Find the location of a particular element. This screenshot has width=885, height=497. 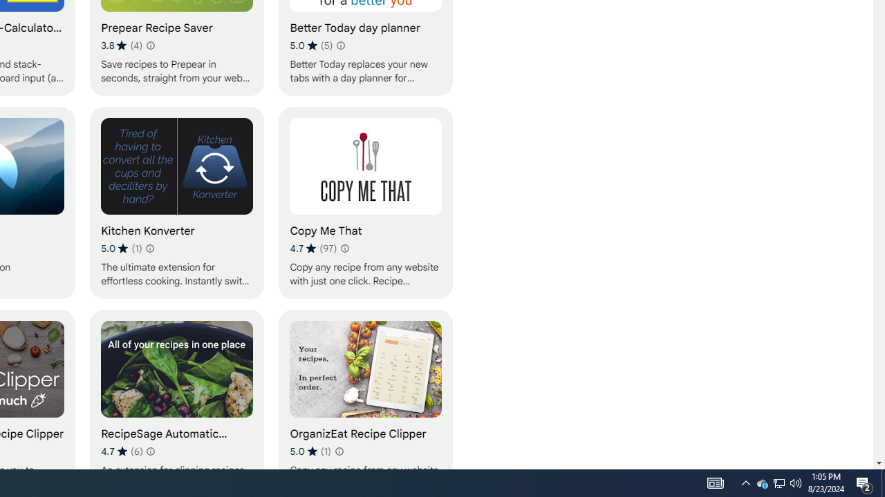

'Learn more about results and reviews "Copy Me That"' is located at coordinates (344, 248).